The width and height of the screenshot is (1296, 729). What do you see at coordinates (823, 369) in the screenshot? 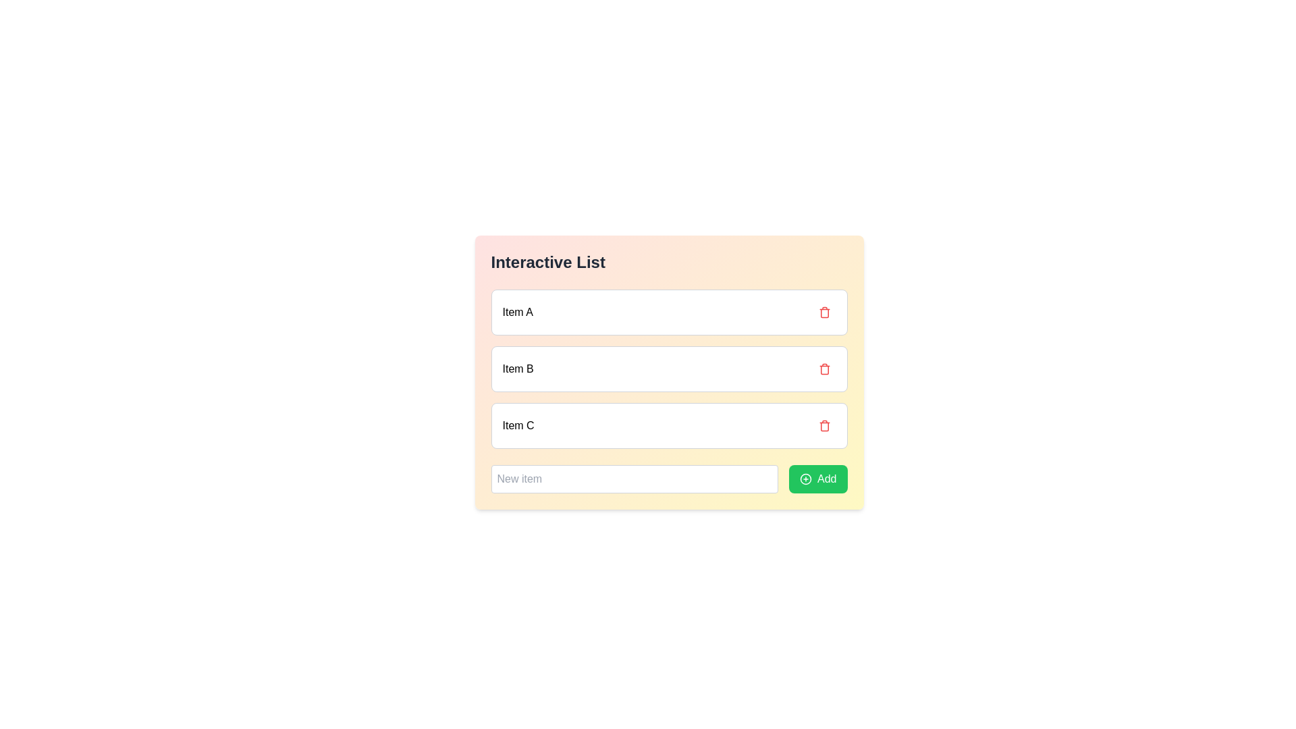
I see `the delete icon button associated with 'Item B'` at bounding box center [823, 369].